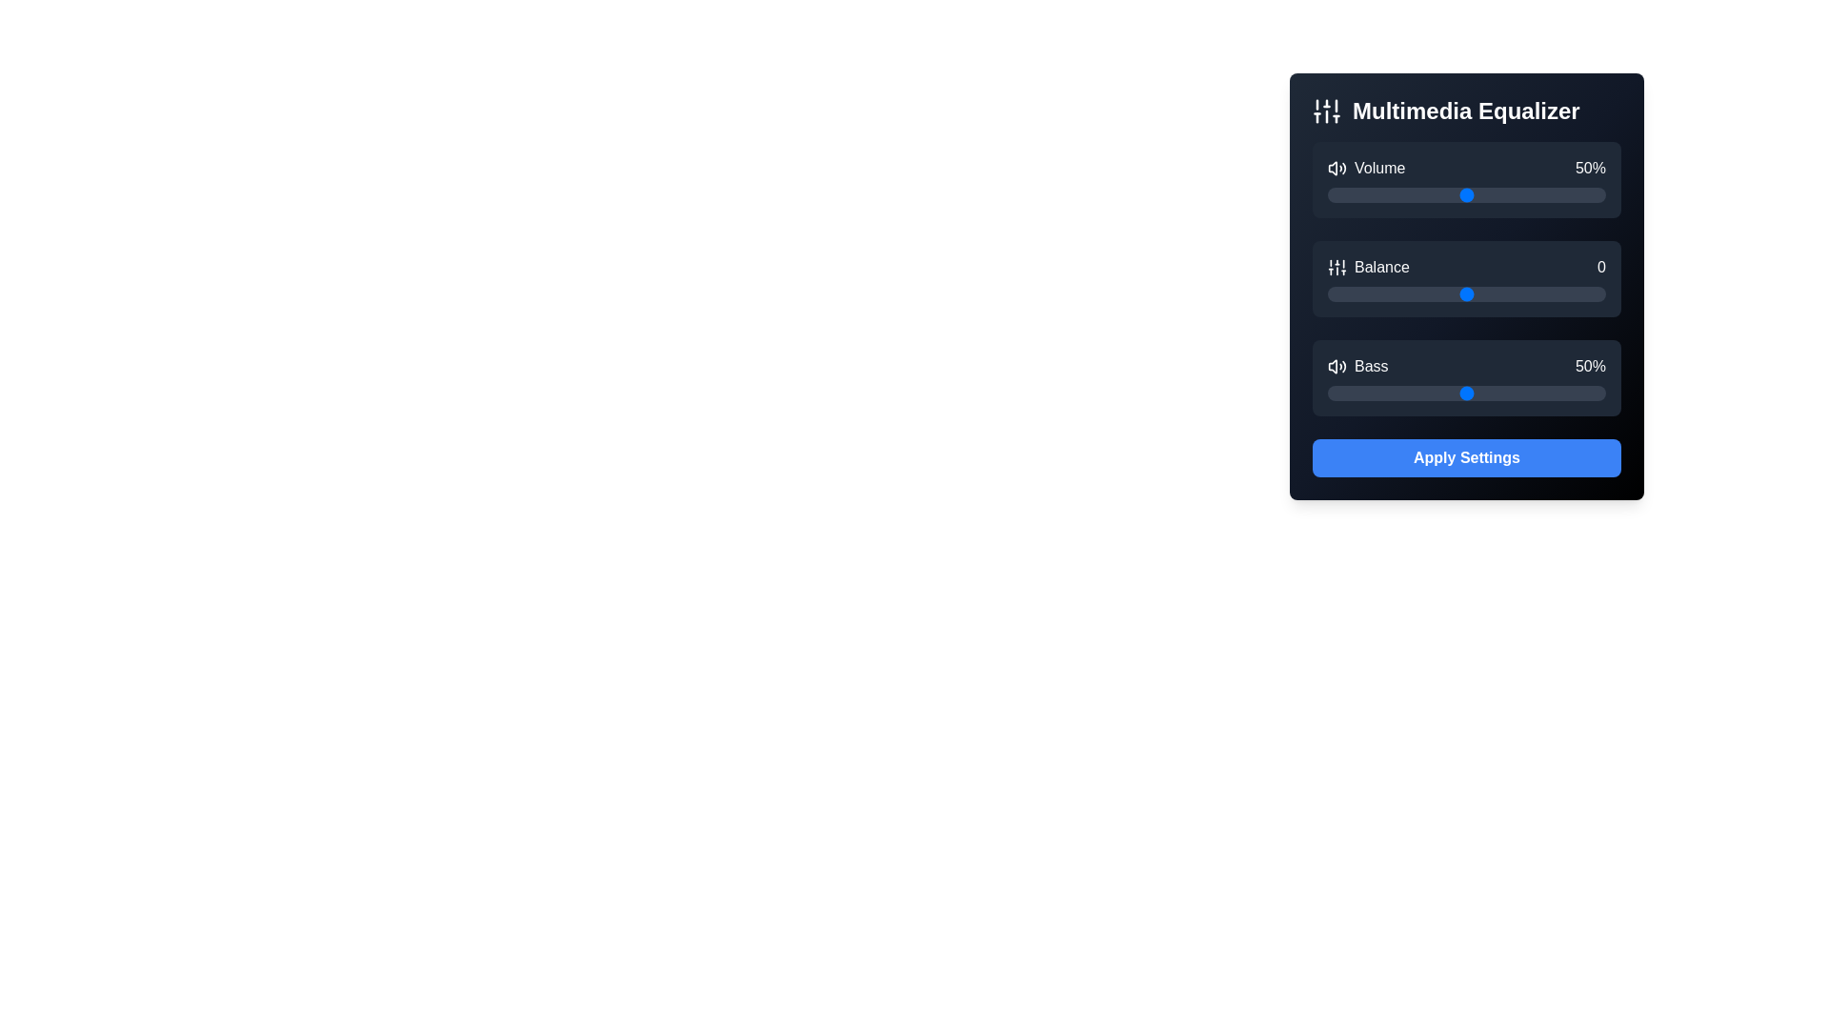  Describe the element at coordinates (1352, 392) in the screenshot. I see `the bass level` at that location.